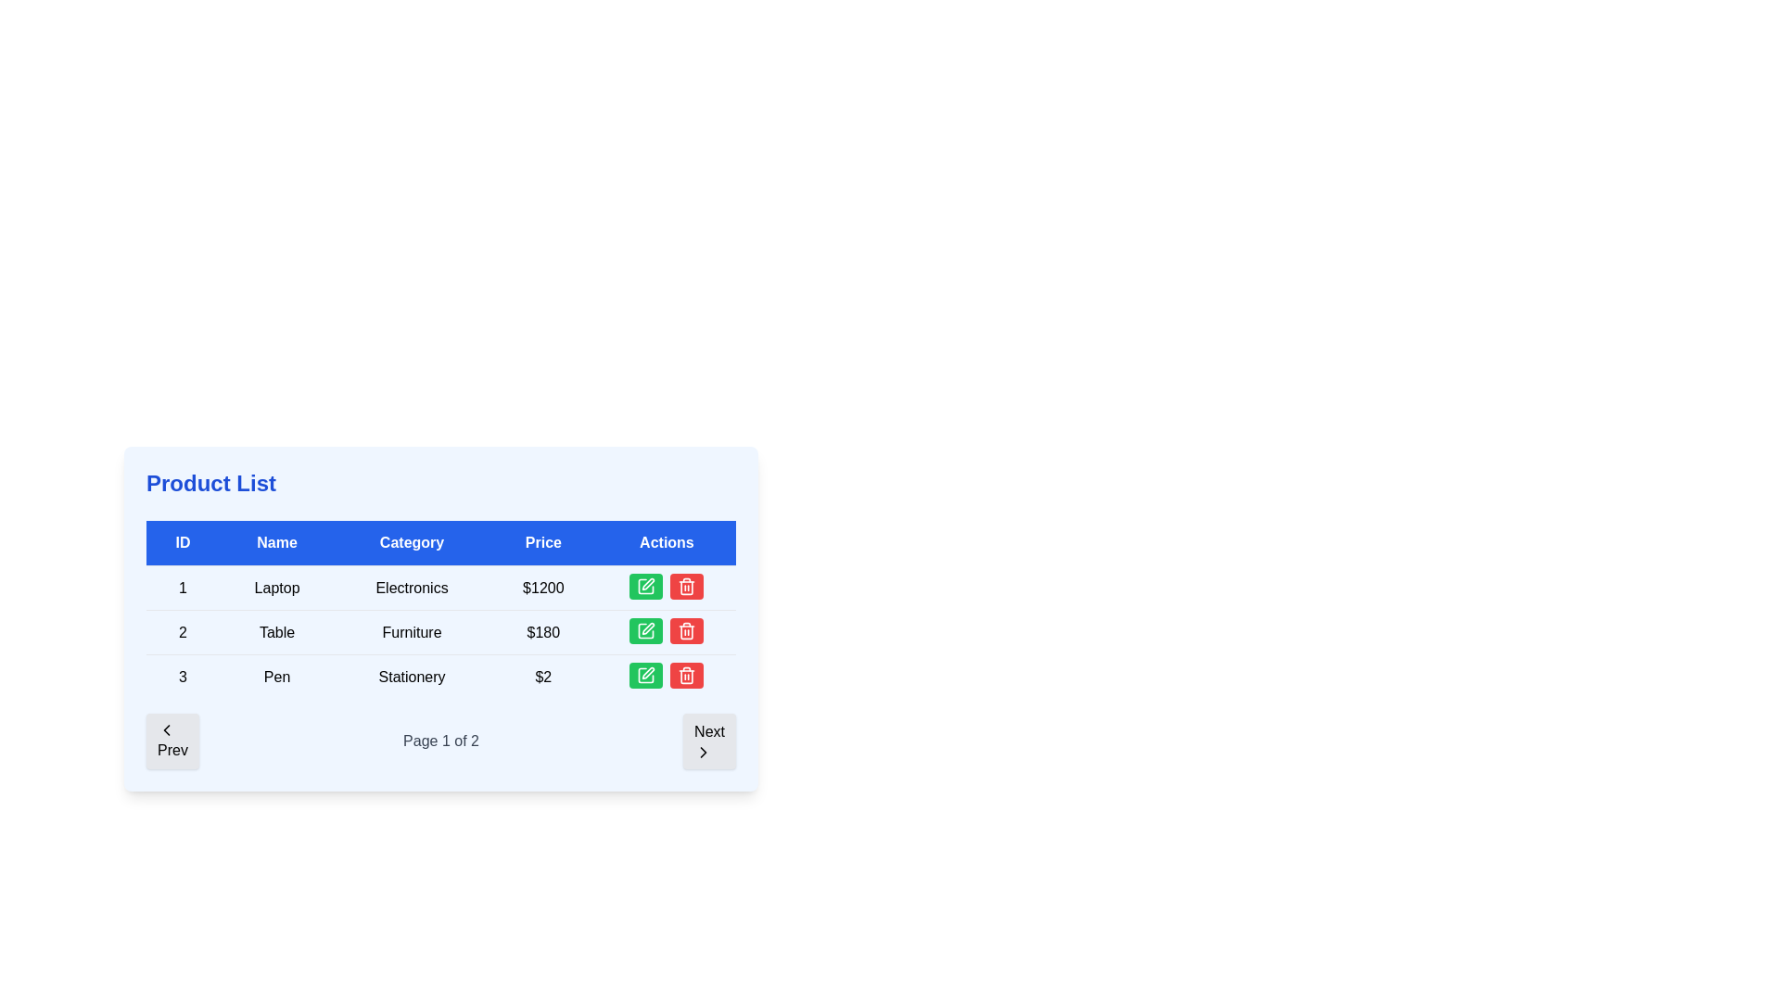 The image size is (1780, 1001). I want to click on the 'Stationery' text label located in the 'Category' column of the third row of the table, situated between the 'Pen' entry and the '$2' entry, so click(411, 677).